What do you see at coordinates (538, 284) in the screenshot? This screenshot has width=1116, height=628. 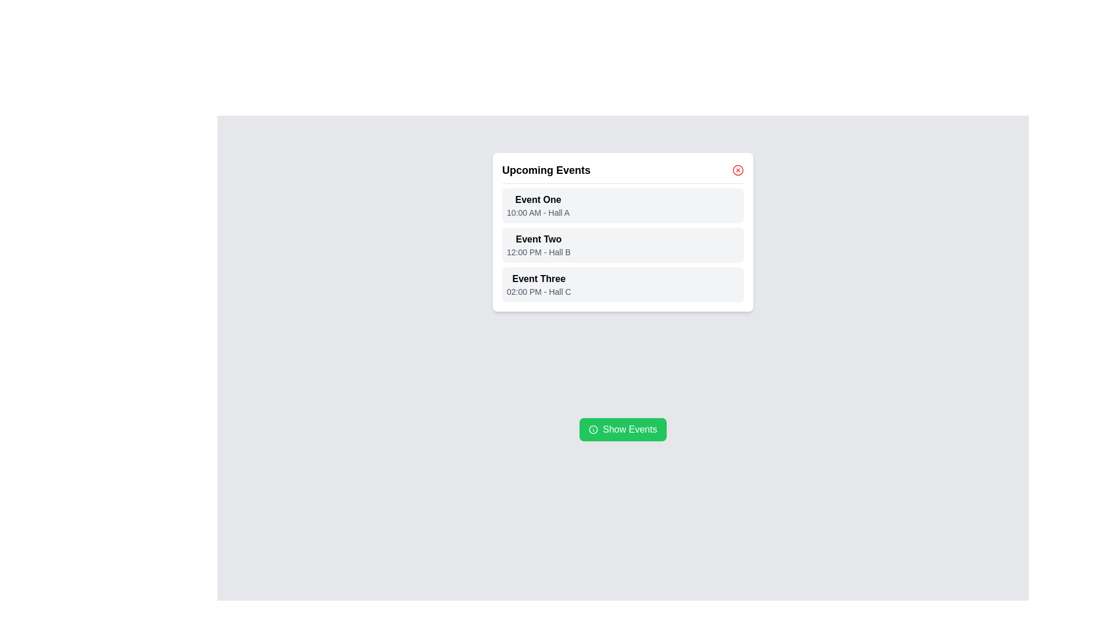 I see `the third and last entry in the 'Upcoming Events' card that provides details about a scheduled event, including its name, time, and location` at bounding box center [538, 284].